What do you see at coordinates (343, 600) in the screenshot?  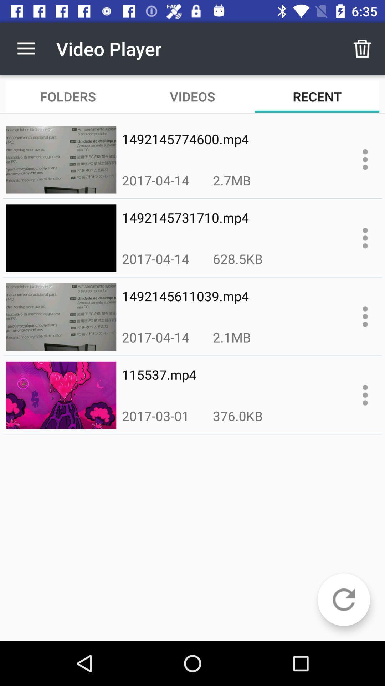 I see `refresh` at bounding box center [343, 600].